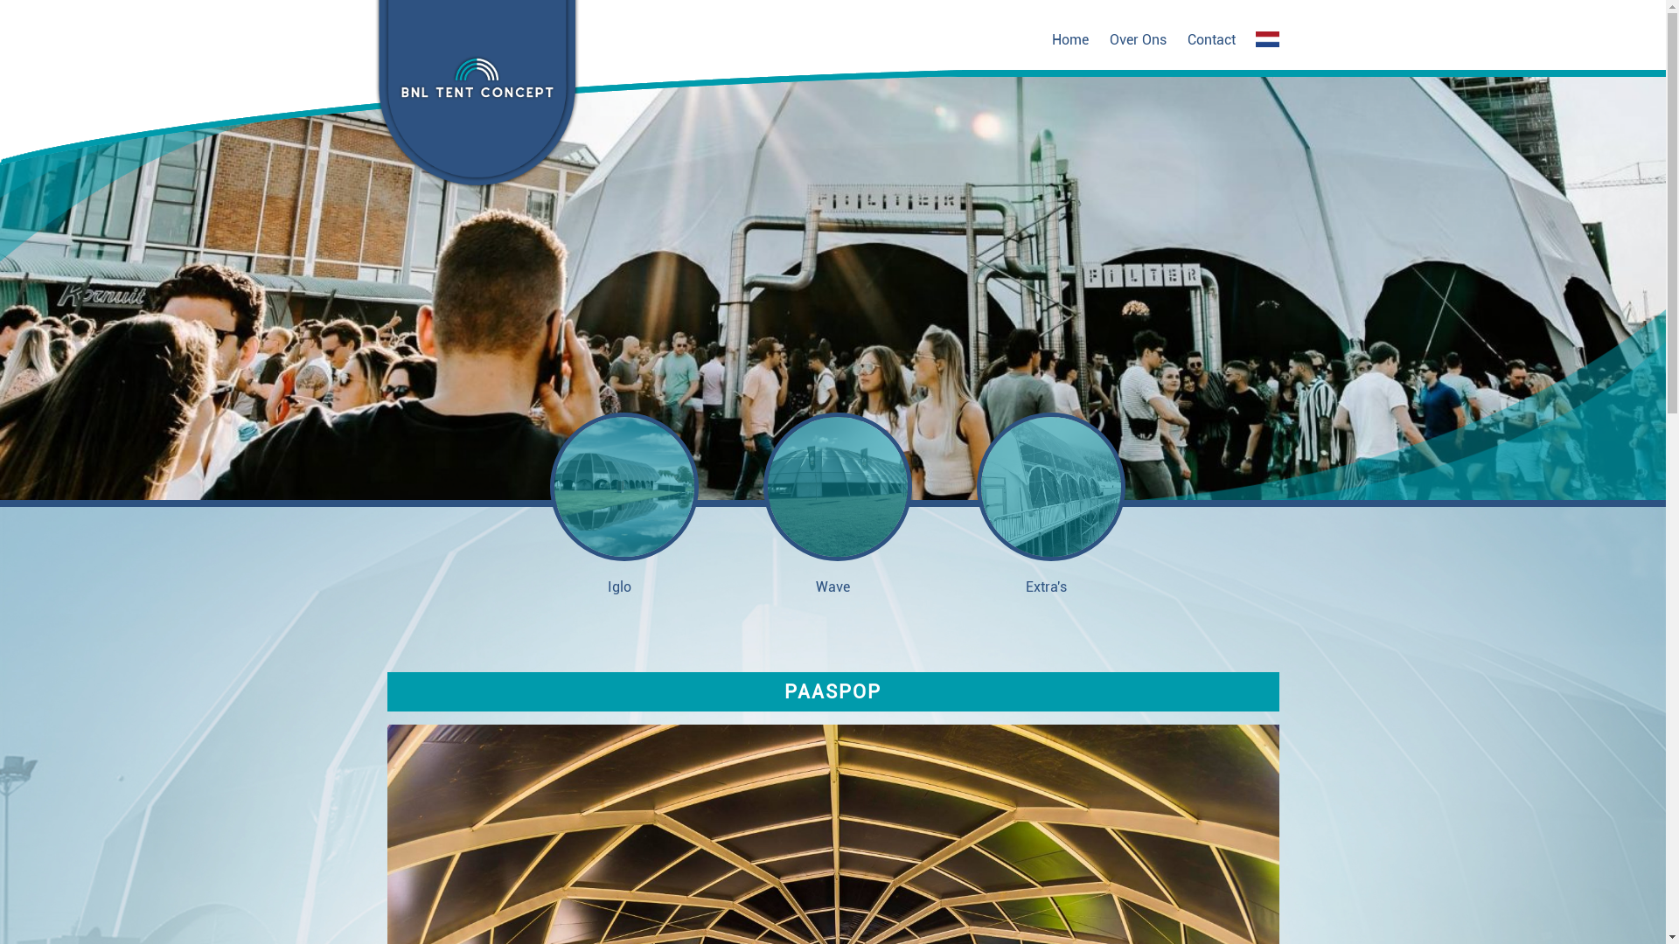 The width and height of the screenshot is (1679, 944). What do you see at coordinates (1210, 39) in the screenshot?
I see `'Contact'` at bounding box center [1210, 39].